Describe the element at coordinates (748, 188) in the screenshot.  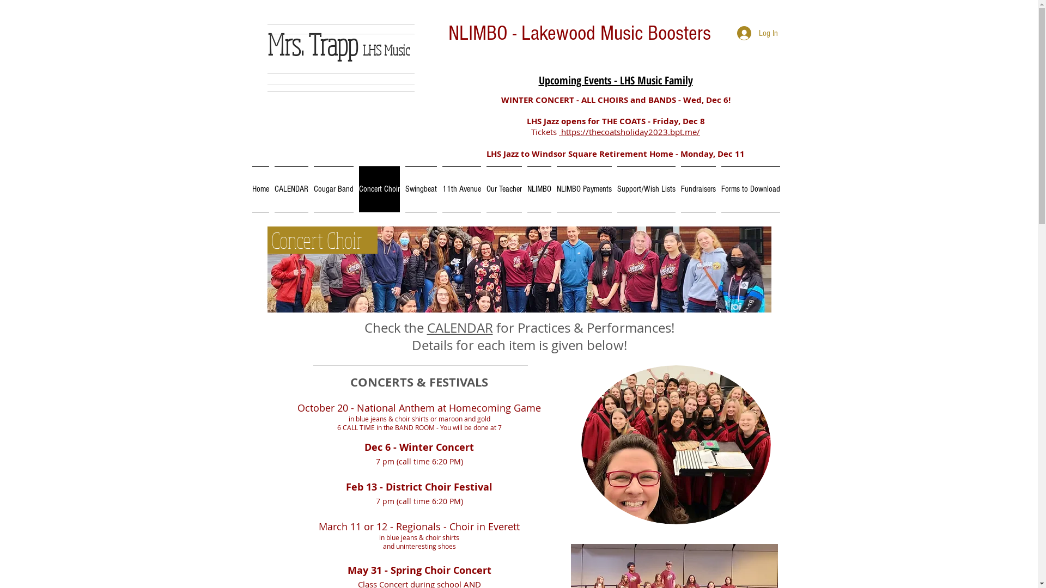
I see `'Forms to Download'` at that location.